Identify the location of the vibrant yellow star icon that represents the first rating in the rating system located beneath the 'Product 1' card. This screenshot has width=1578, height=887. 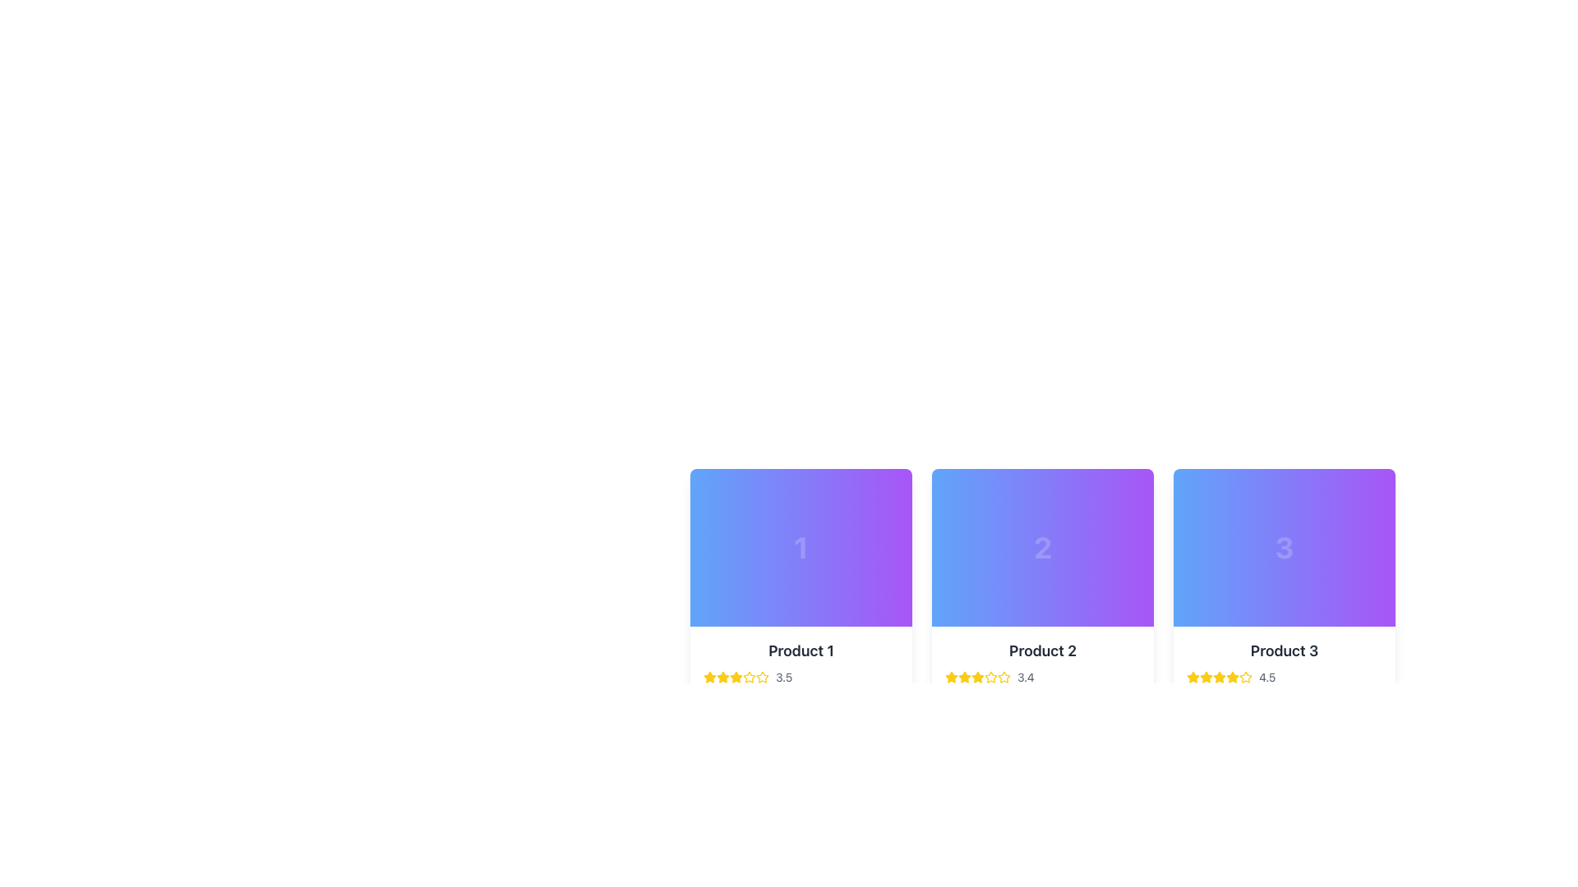
(722, 677).